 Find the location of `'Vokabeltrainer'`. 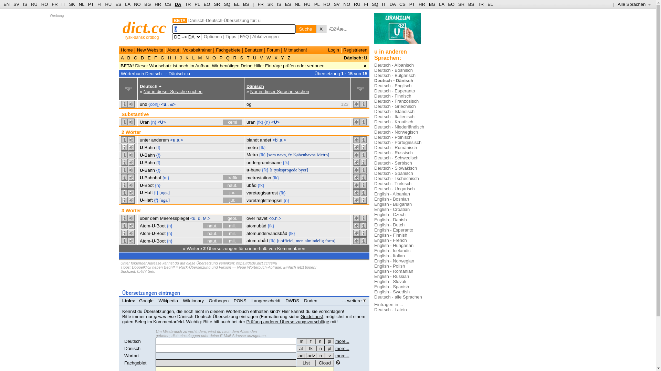

'Vokabeltrainer' is located at coordinates (197, 49).